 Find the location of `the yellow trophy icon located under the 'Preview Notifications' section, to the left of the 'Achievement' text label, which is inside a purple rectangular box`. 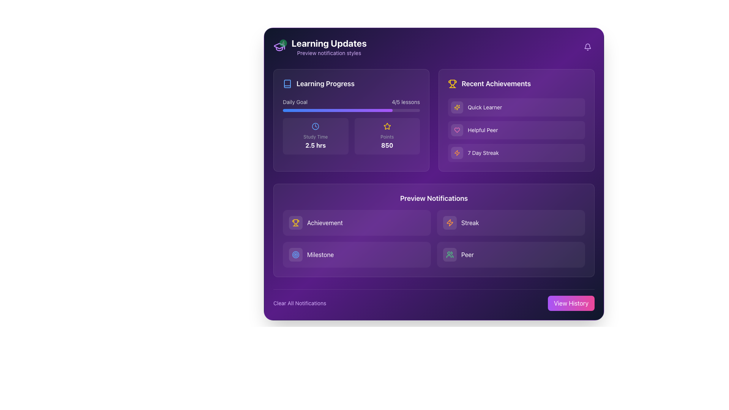

the yellow trophy icon located under the 'Preview Notifications' section, to the left of the 'Achievement' text label, which is inside a purple rectangular box is located at coordinates (295, 221).